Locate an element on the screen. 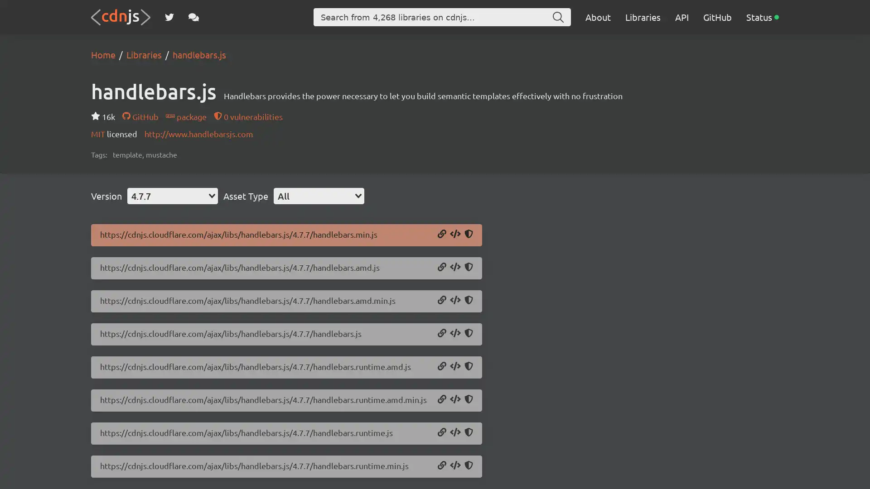 The width and height of the screenshot is (870, 489). Copy URL is located at coordinates (442, 267).